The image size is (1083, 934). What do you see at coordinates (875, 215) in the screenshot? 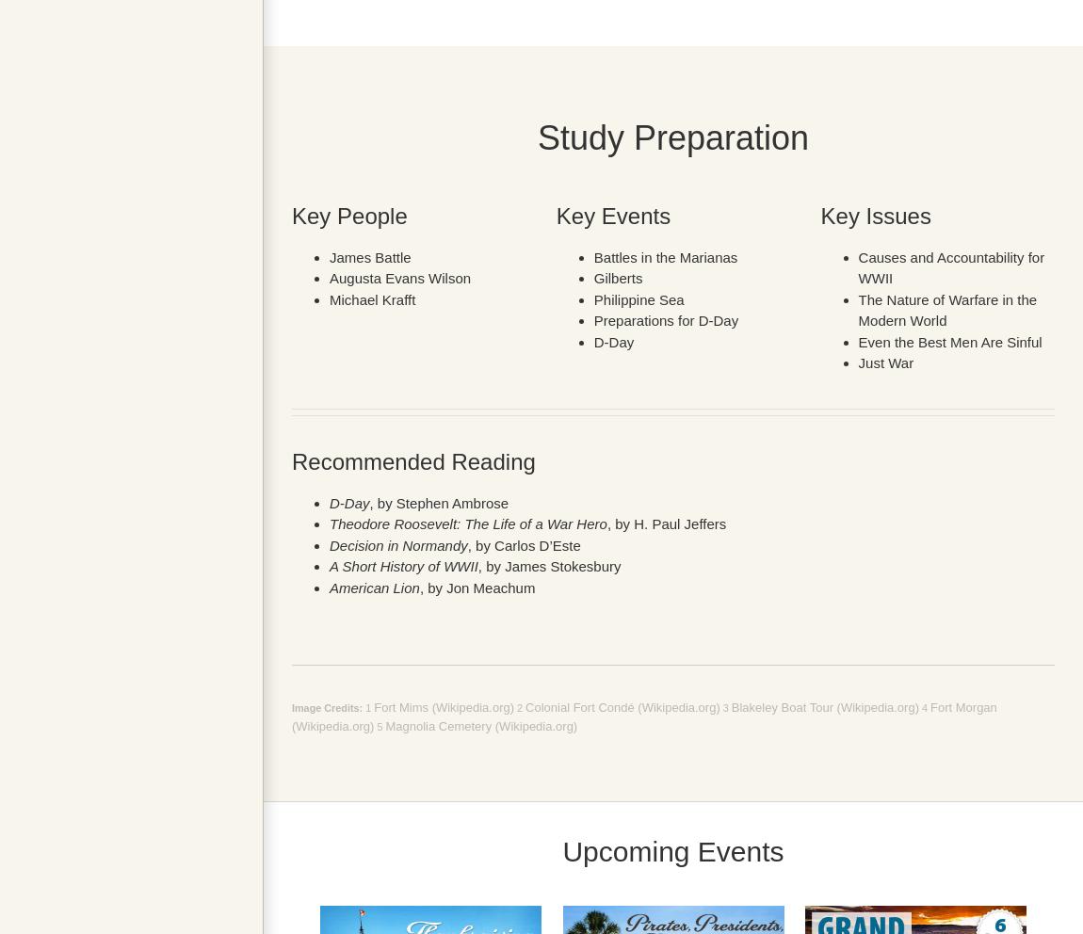
I see `'Key Issues'` at bounding box center [875, 215].